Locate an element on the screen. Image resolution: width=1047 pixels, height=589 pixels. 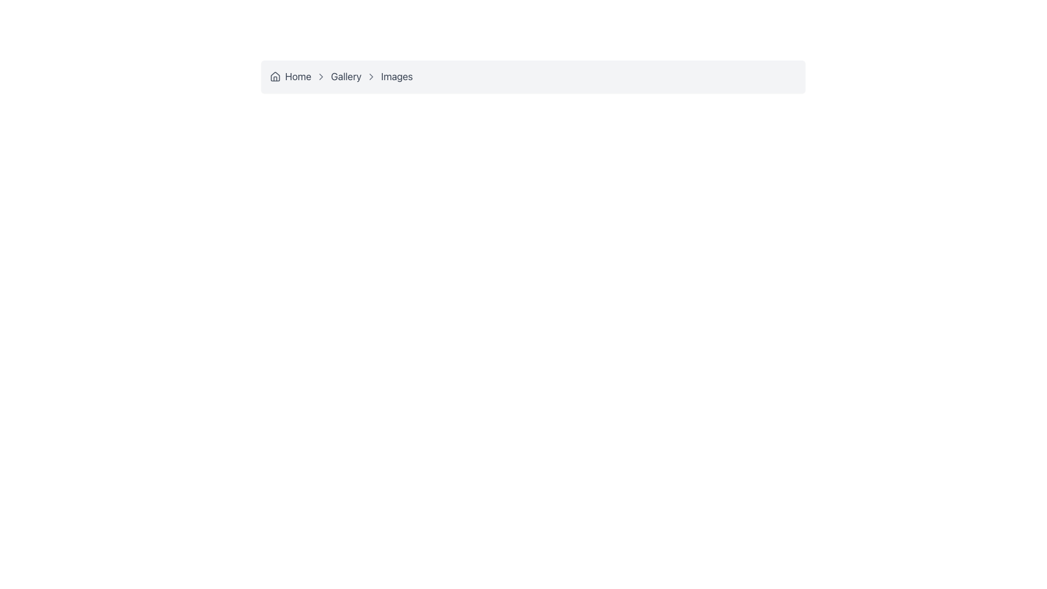
the right-facing chevron icon that separates the 'Home' link and the 'Gallery' link in the breadcrumb navigation bar is located at coordinates (321, 76).